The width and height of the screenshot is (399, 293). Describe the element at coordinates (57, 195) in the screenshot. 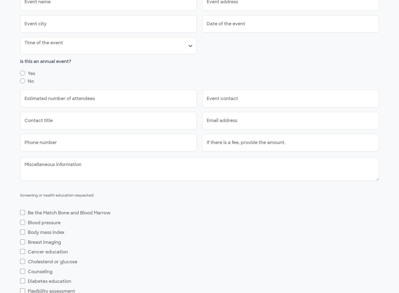

I see `'Screening or health education requested:'` at that location.